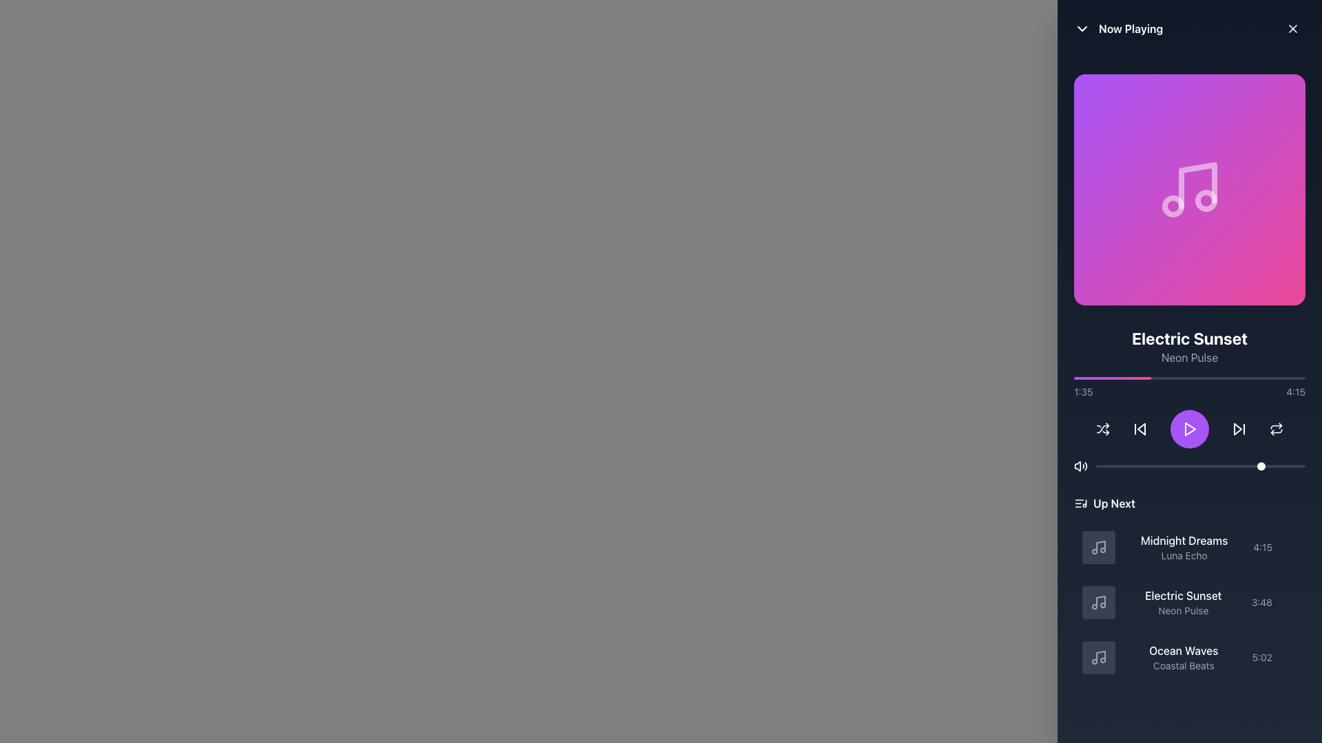  What do you see at coordinates (1263, 378) in the screenshot?
I see `playback position` at bounding box center [1263, 378].